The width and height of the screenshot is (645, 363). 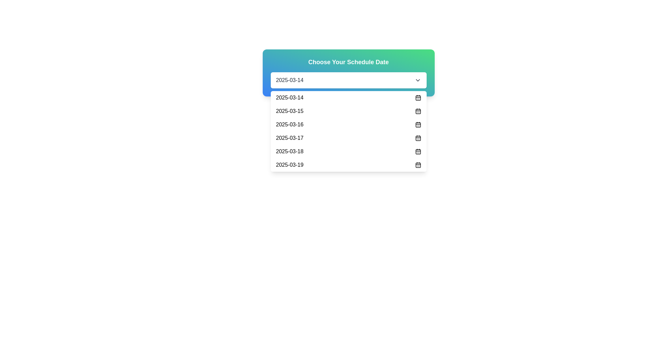 I want to click on the selectable date option '2025-03-17' in the dropdown menu, so click(x=290, y=138).